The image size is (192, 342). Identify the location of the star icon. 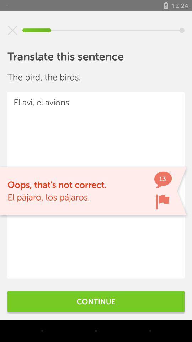
(12, 30).